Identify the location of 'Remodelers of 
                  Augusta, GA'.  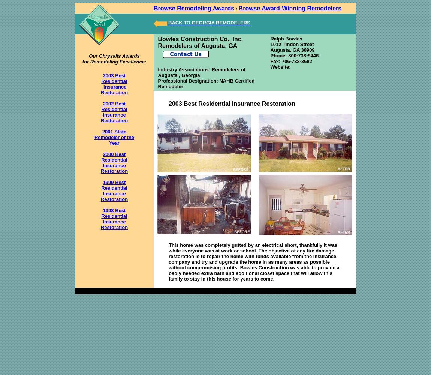
(198, 45).